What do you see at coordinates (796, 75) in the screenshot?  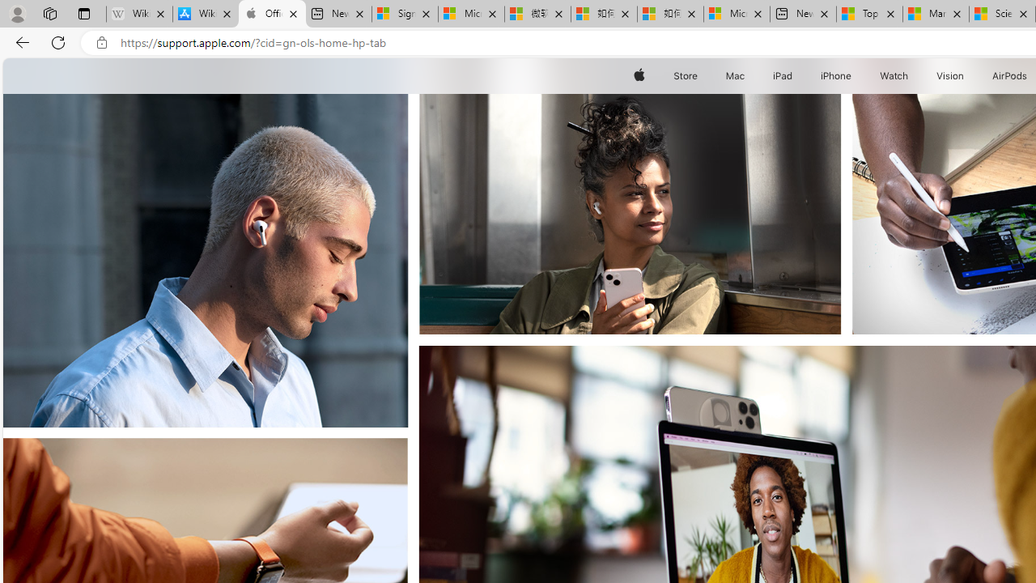 I see `'iPad menu'` at bounding box center [796, 75].